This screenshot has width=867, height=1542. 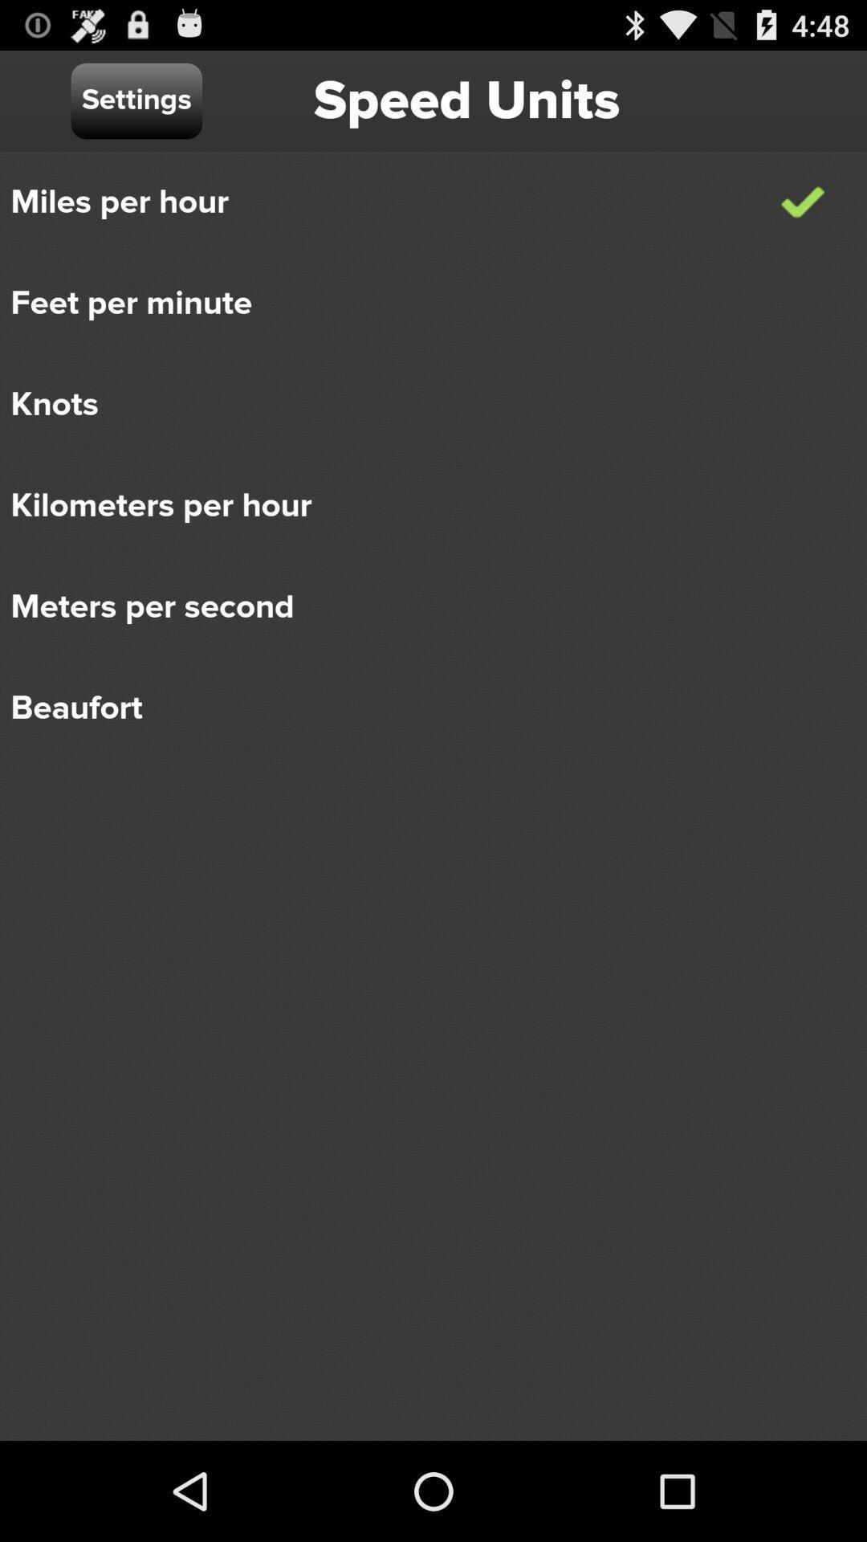 What do you see at coordinates (421, 708) in the screenshot?
I see `the icon below meters per second` at bounding box center [421, 708].